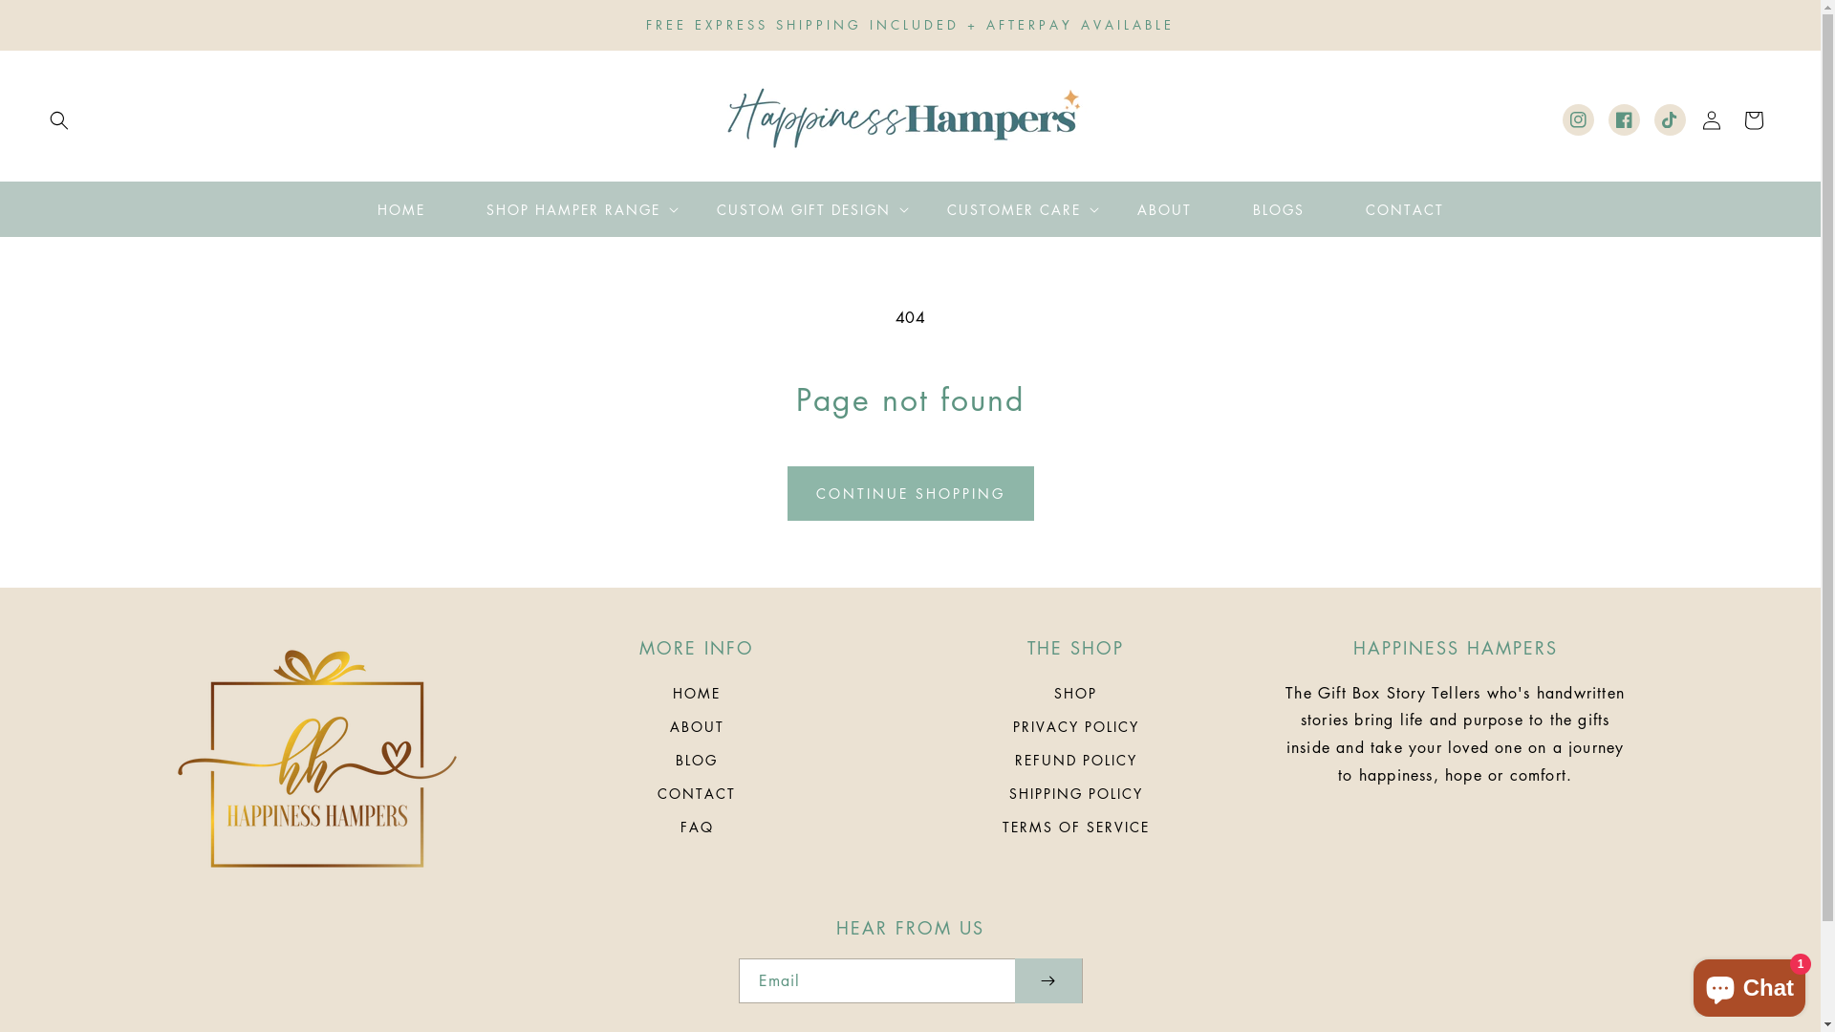  Describe the element at coordinates (1711, 120) in the screenshot. I see `'Log in'` at that location.